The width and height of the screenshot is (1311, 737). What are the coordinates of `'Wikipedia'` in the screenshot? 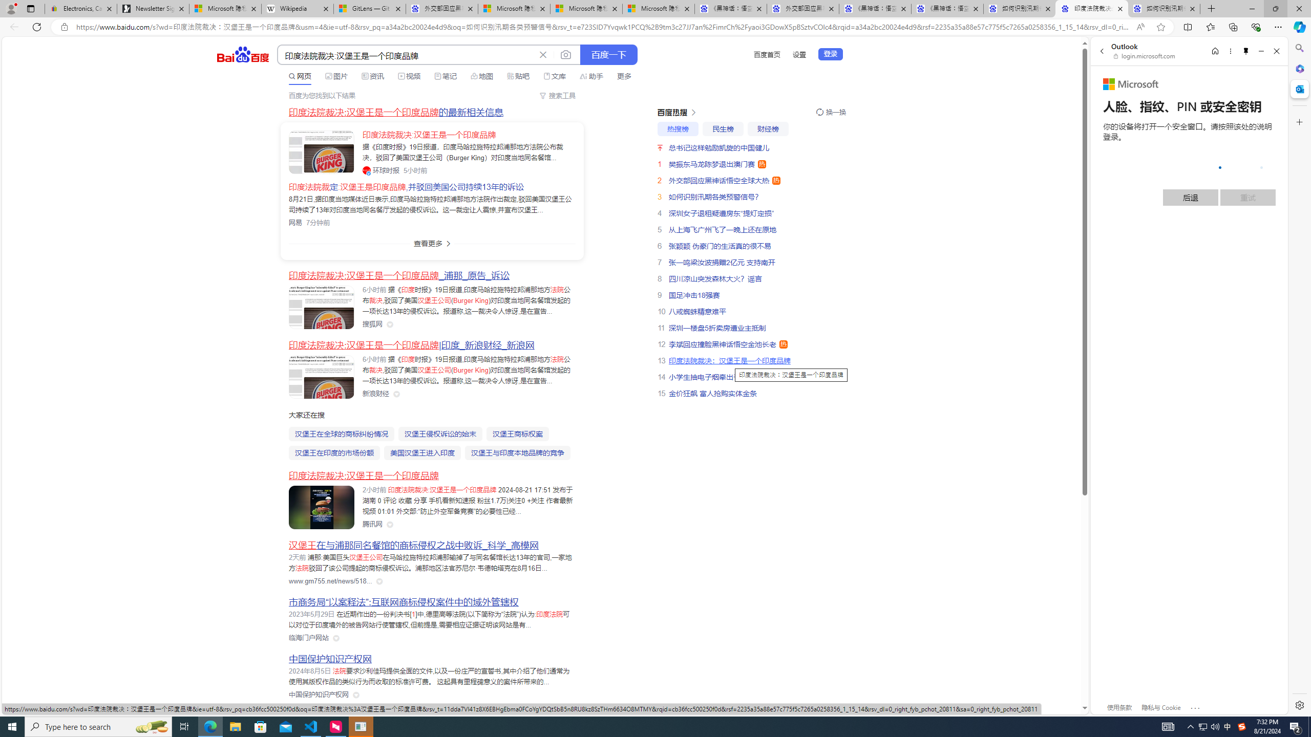 It's located at (297, 8).